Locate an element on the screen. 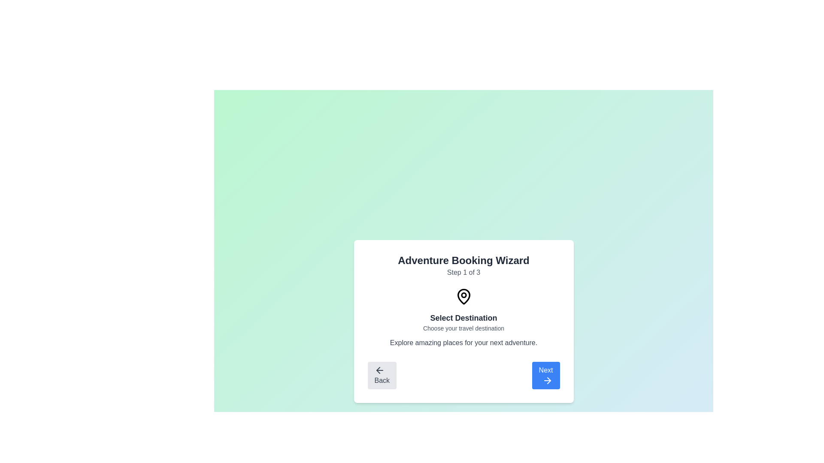  the Text Label displaying 'Step 1 of 3', which is styled with a gray font and located beneath the 'Adventure Booking Wizard' header is located at coordinates (463, 273).